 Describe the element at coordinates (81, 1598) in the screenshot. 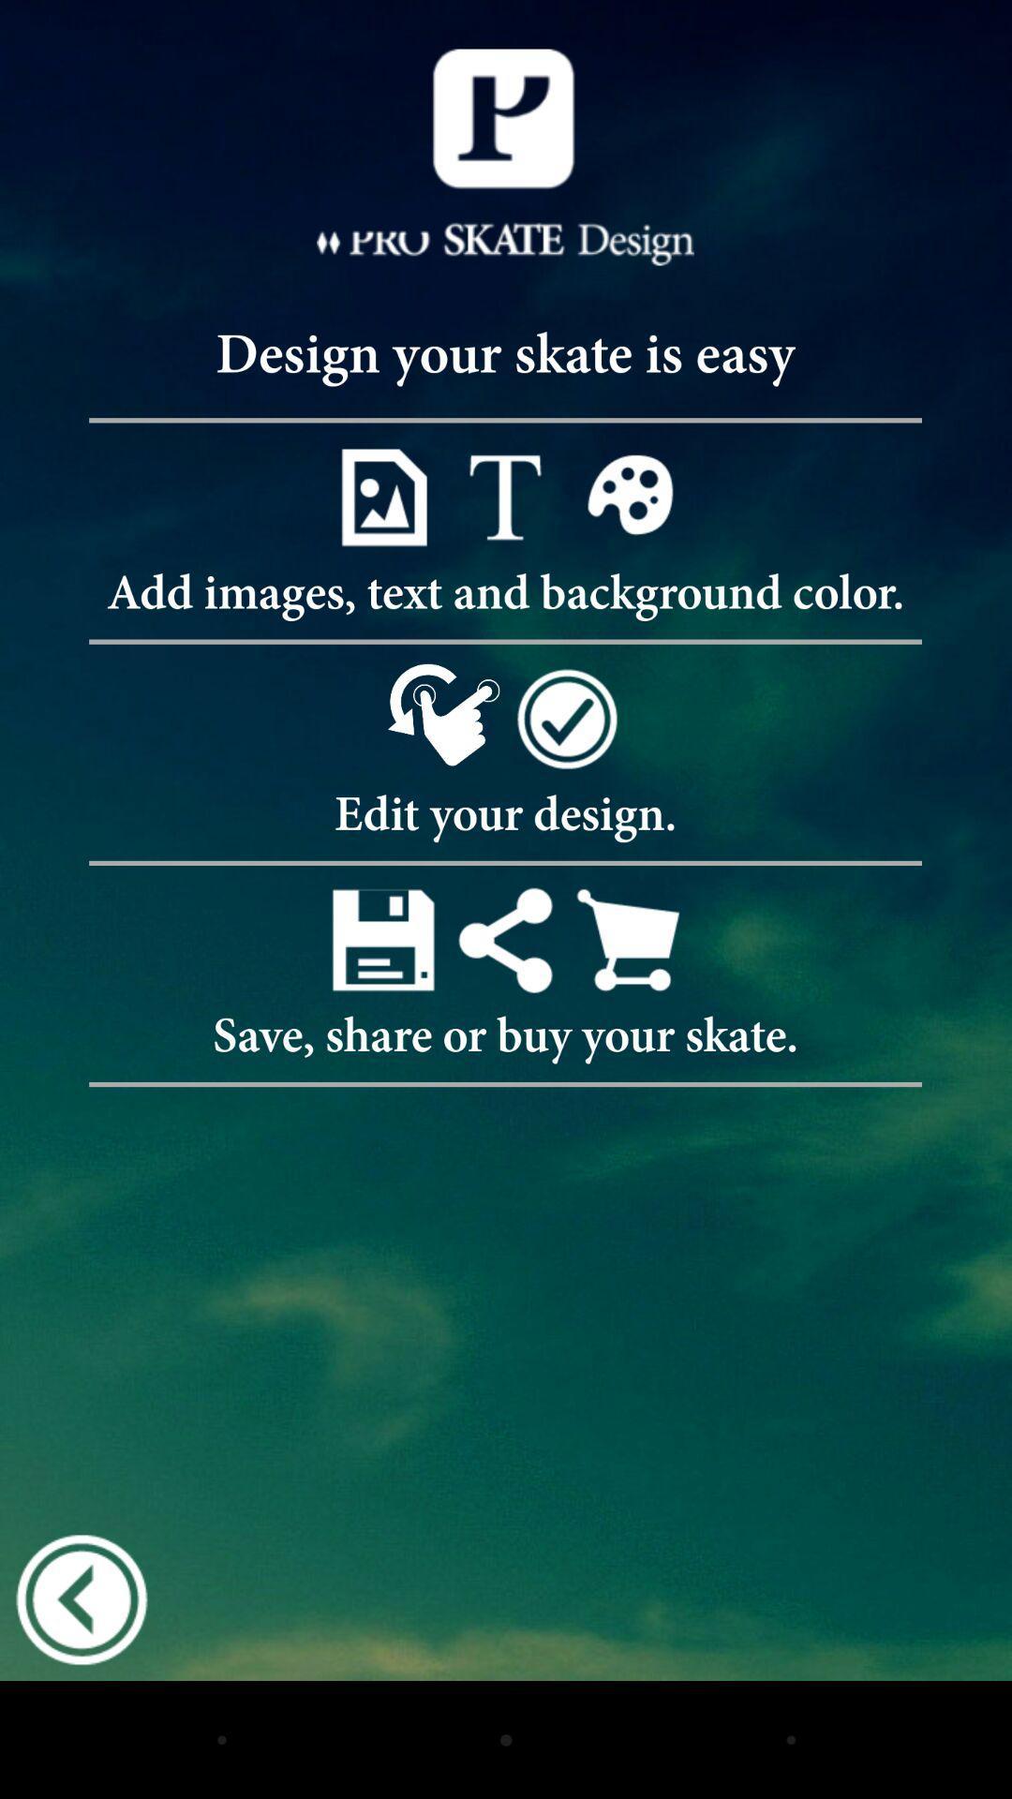

I see `this button takes me back a page in the app` at that location.